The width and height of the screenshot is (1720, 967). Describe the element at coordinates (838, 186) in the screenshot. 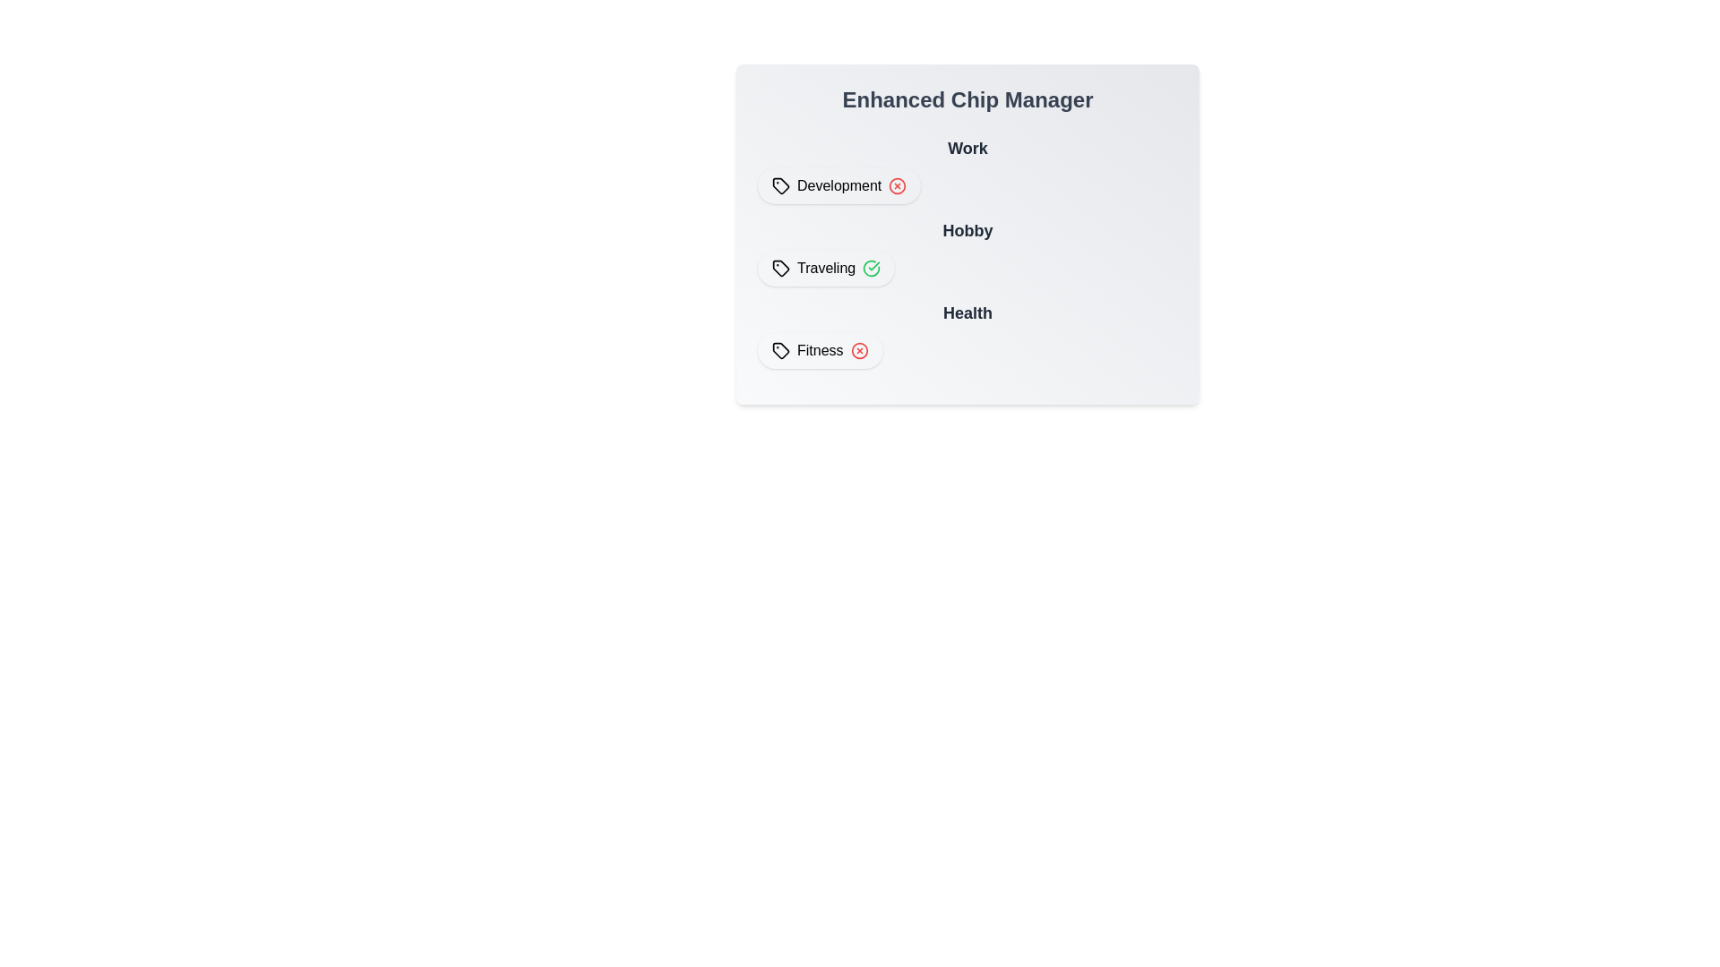

I see `the chip labeled Development` at that location.